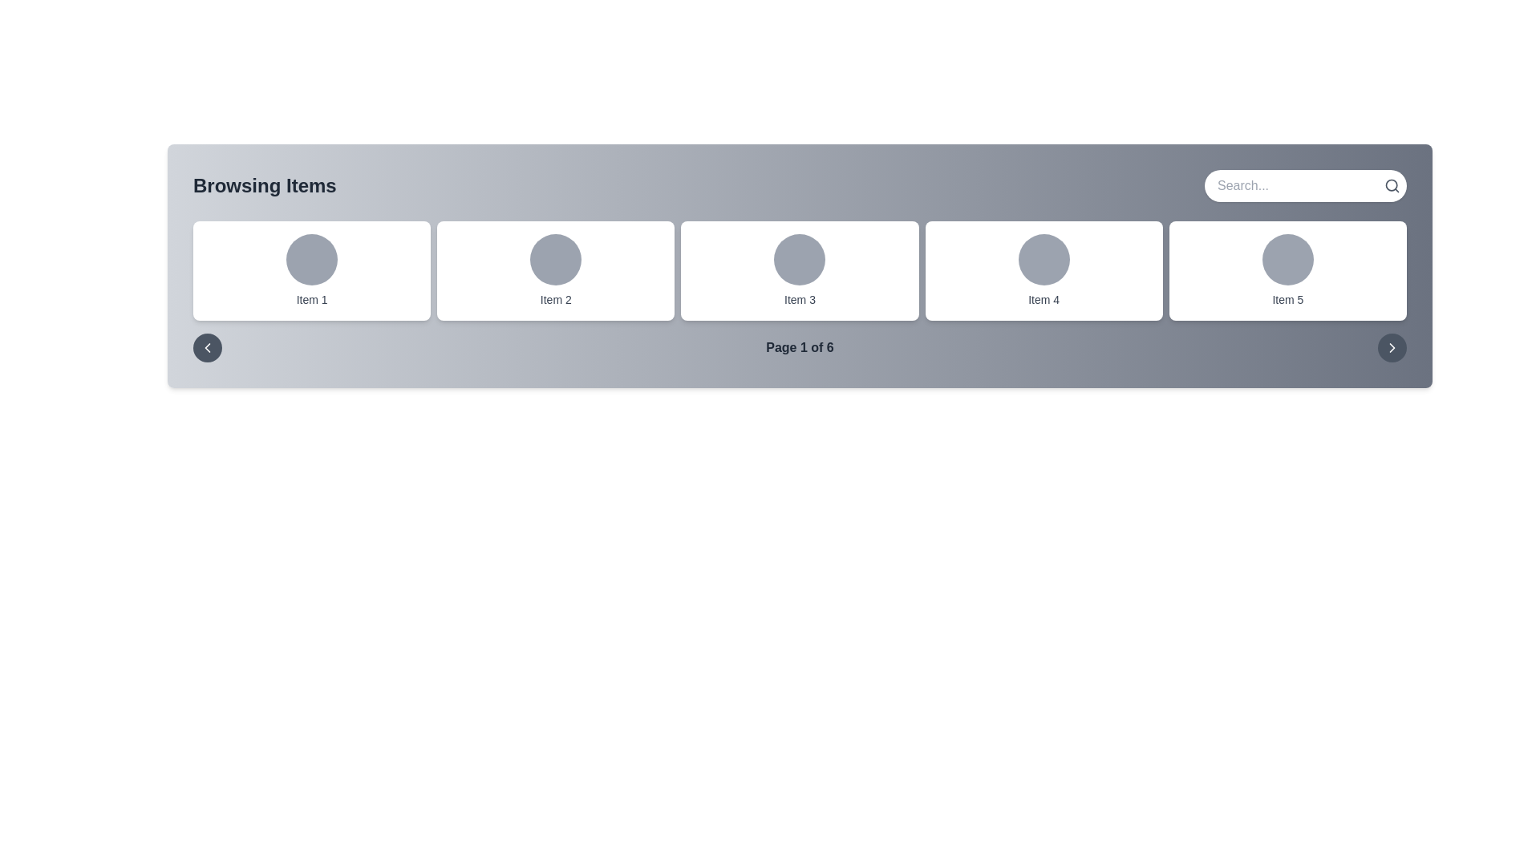  What do you see at coordinates (555, 270) in the screenshot?
I see `the second card in a horizontally aligned grid of five items for selection or information purposes` at bounding box center [555, 270].